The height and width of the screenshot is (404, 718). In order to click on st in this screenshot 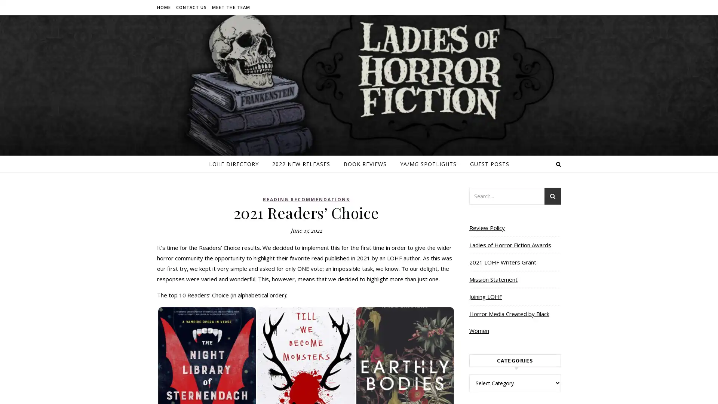, I will do `click(553, 197)`.